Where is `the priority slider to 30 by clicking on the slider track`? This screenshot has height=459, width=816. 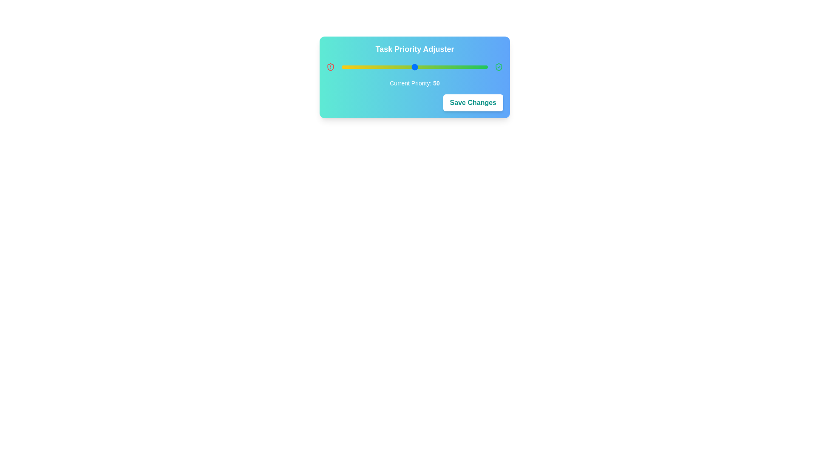
the priority slider to 30 by clicking on the slider track is located at coordinates (385, 67).